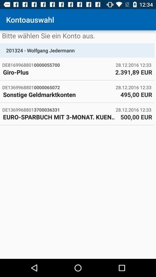  What do you see at coordinates (59, 65) in the screenshot?
I see `de81699688010000055700` at bounding box center [59, 65].